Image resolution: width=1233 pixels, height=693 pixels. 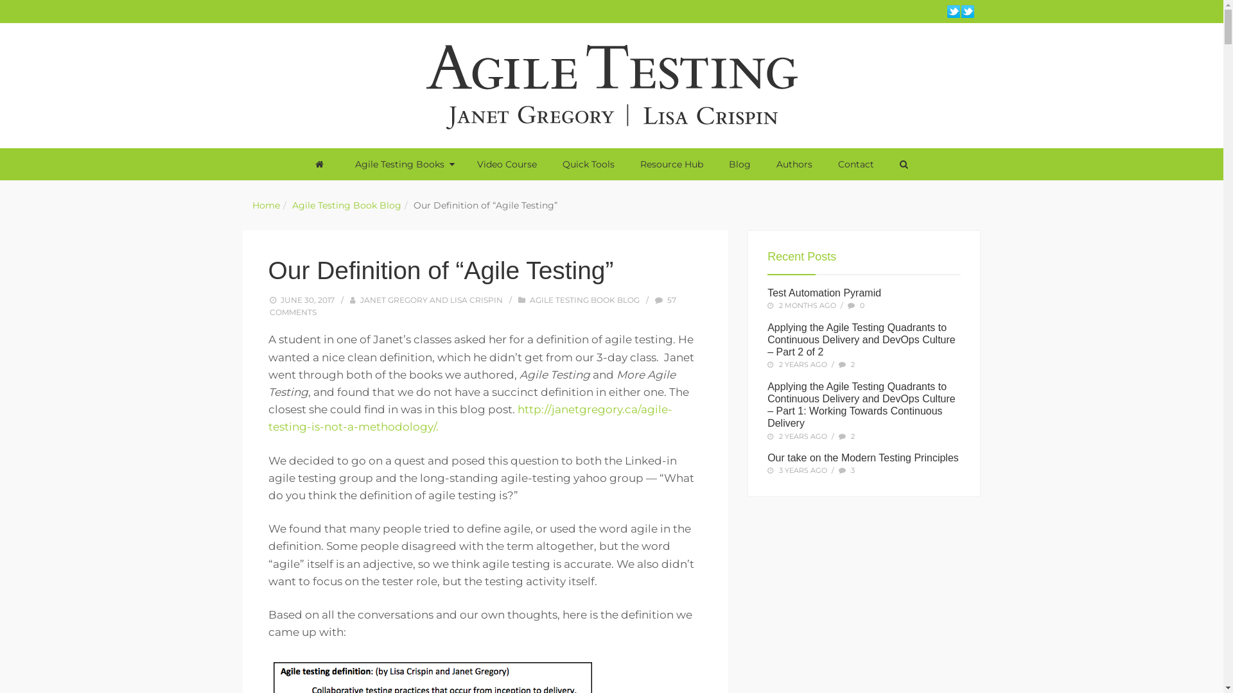 What do you see at coordinates (588, 163) in the screenshot?
I see `'Quick Tools'` at bounding box center [588, 163].